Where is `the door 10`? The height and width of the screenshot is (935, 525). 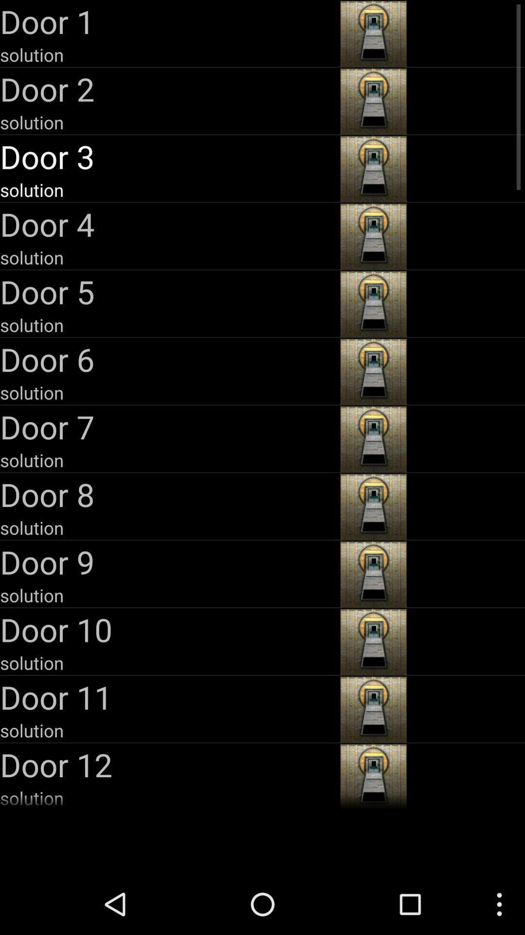 the door 10 is located at coordinates (168, 629).